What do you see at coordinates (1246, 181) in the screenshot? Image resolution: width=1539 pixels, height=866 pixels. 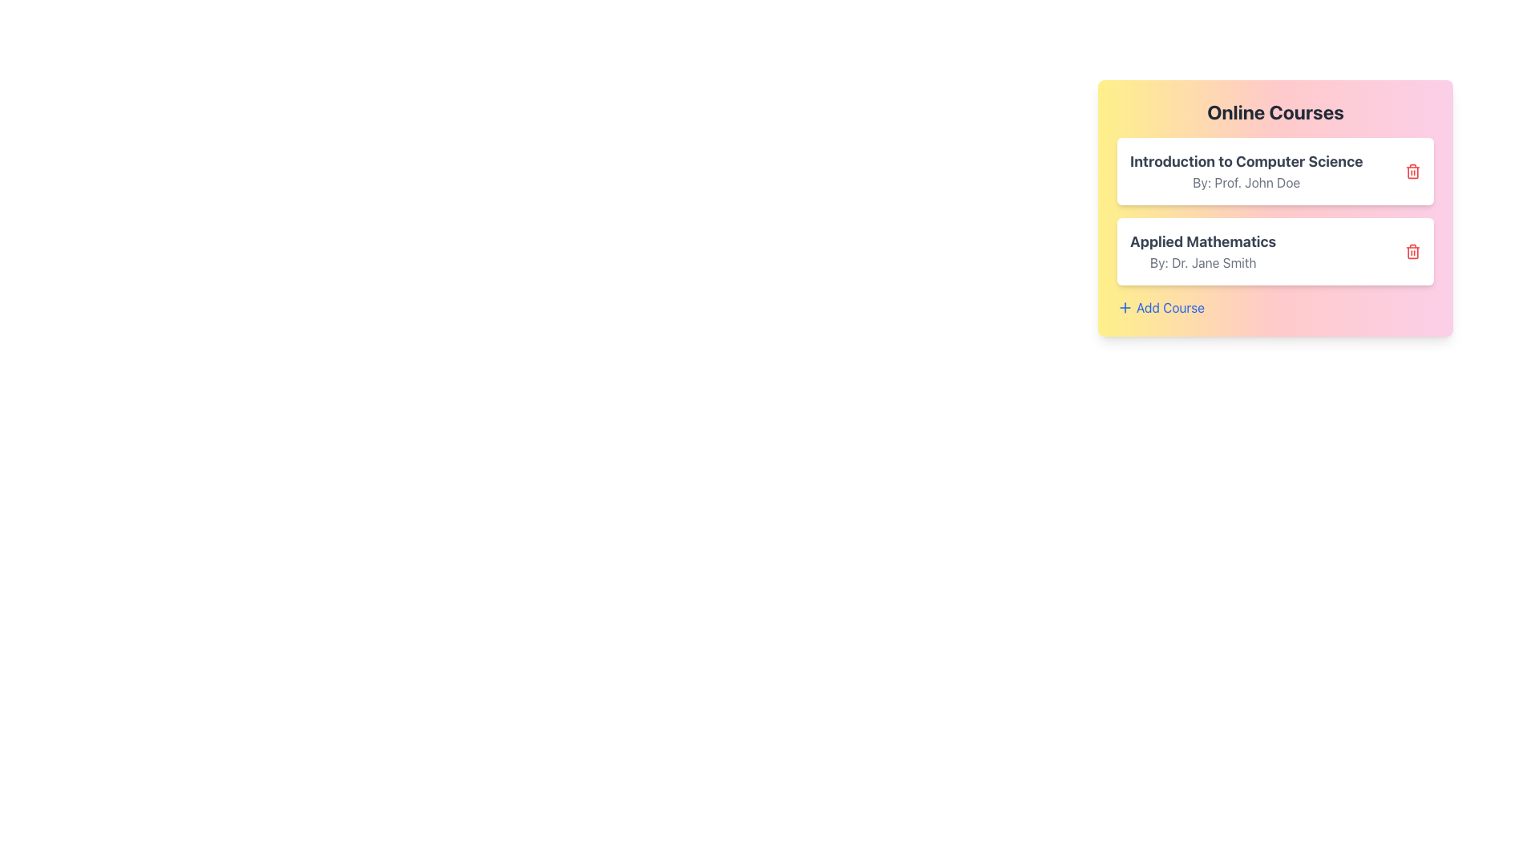 I see `the informational text label indicating the author for the course 'Introduction to Computer Science', positioned directly below the course title within the first course card in the 'Online Courses' section` at bounding box center [1246, 181].